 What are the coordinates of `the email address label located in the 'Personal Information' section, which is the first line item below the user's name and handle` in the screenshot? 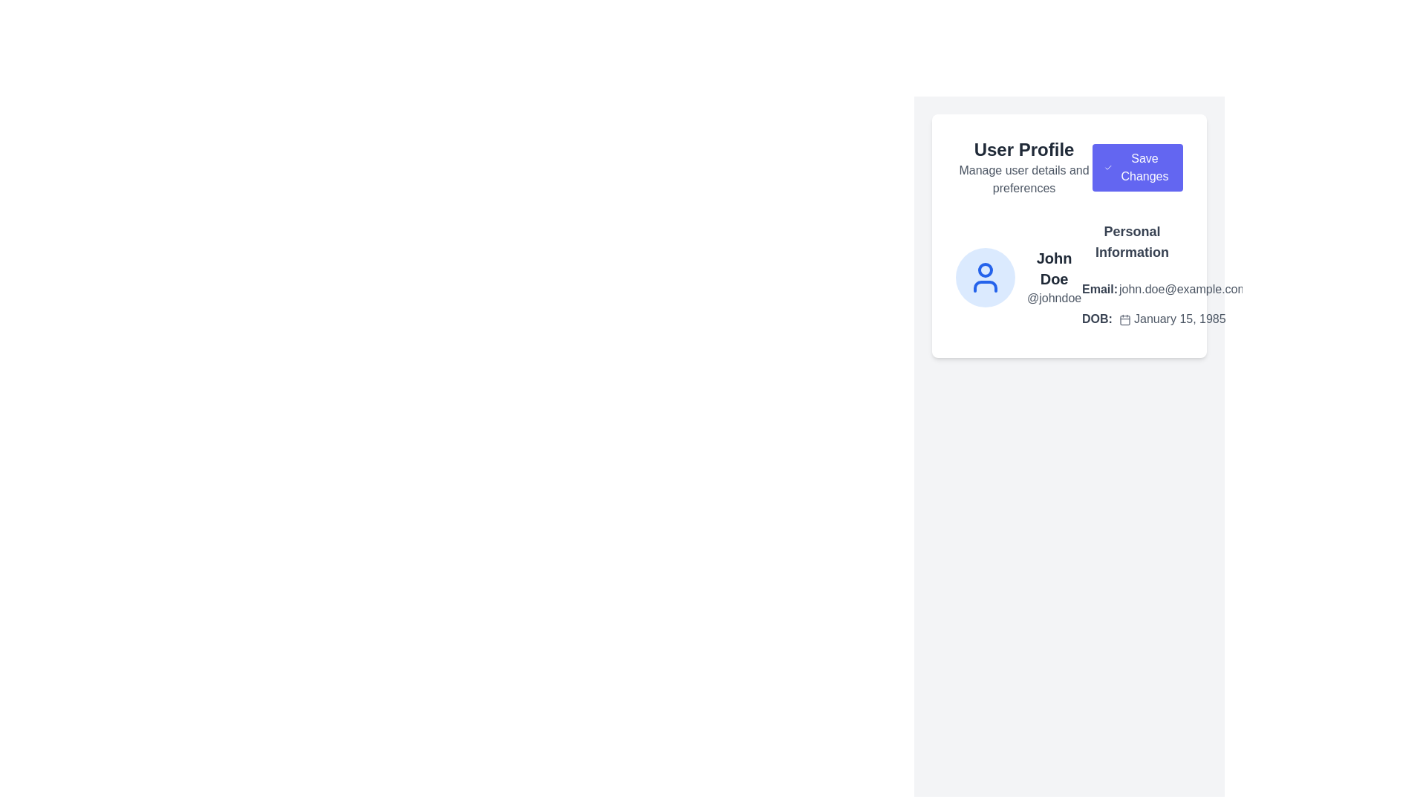 It's located at (1164, 289).